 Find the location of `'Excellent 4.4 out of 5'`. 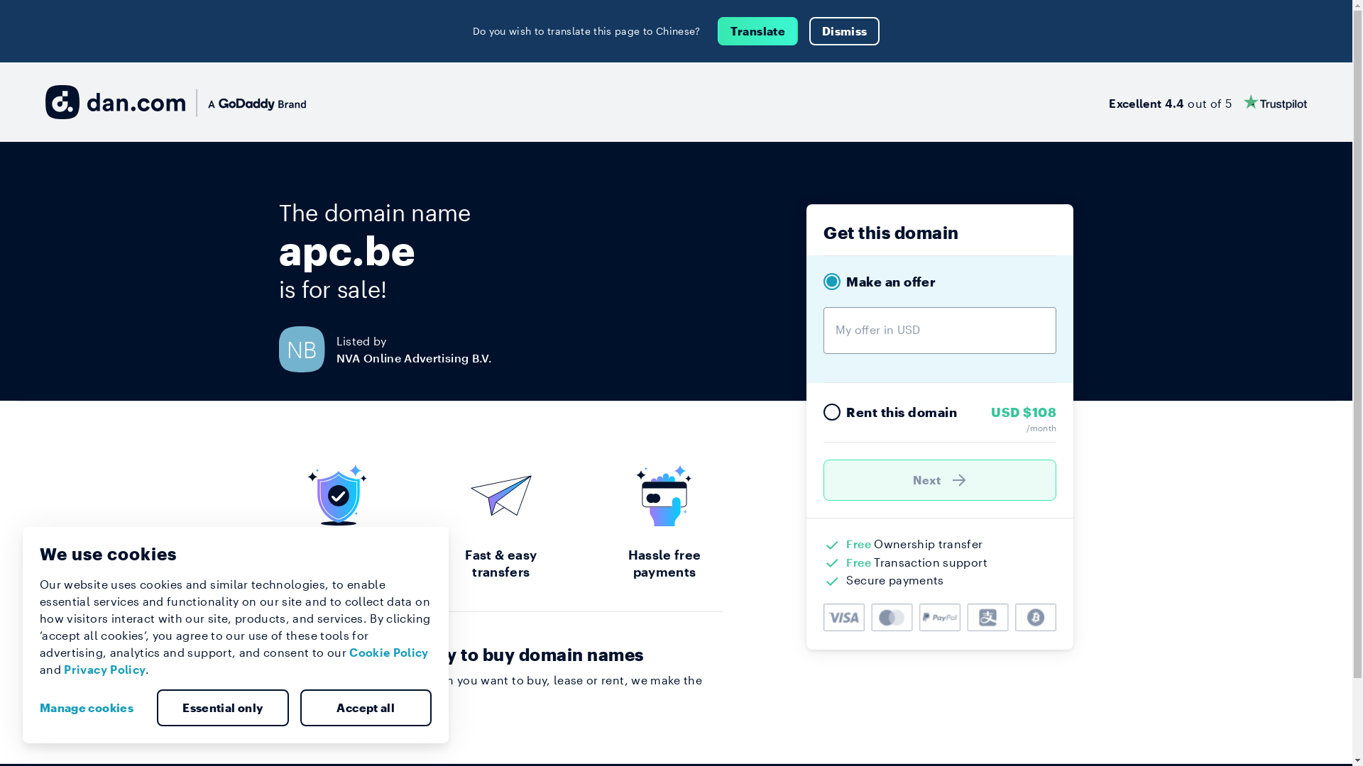

'Excellent 4.4 out of 5' is located at coordinates (1207, 101).